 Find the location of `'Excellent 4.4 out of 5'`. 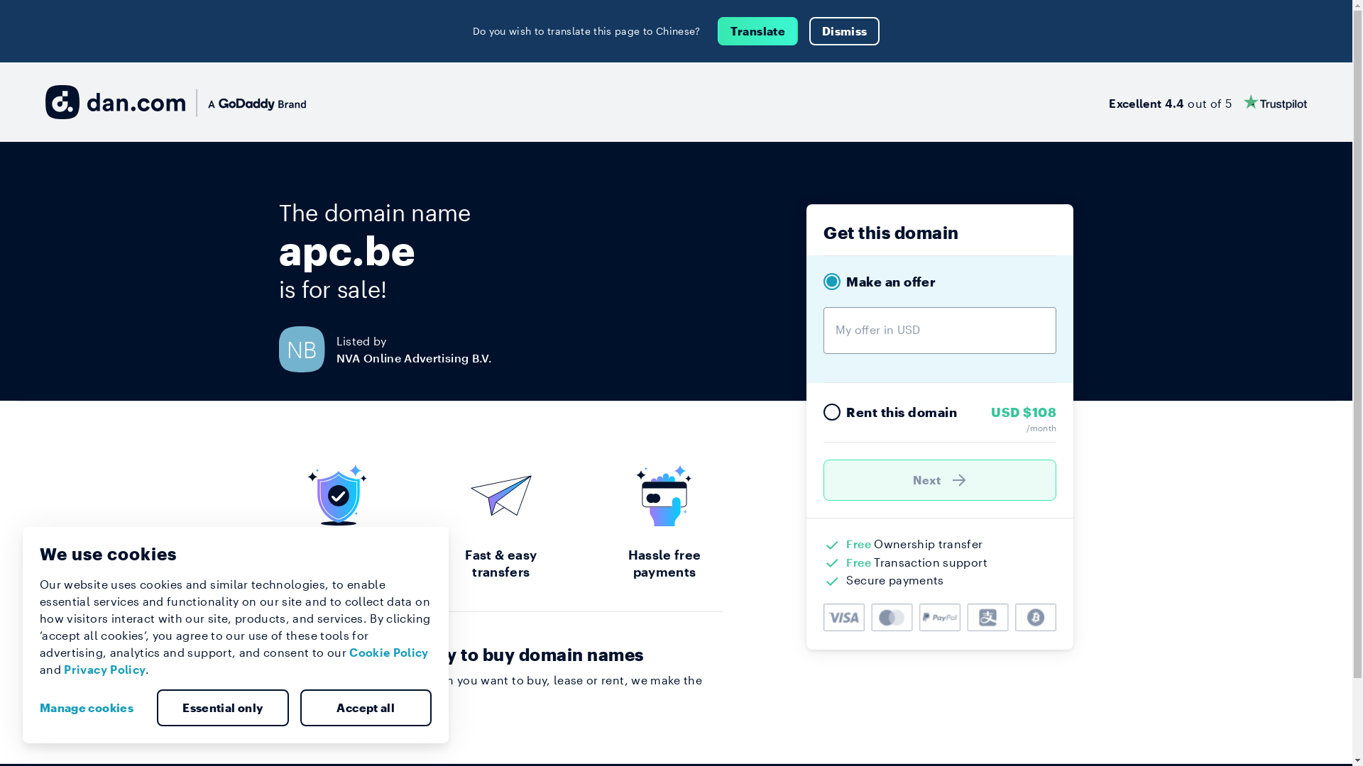

'Excellent 4.4 out of 5' is located at coordinates (1207, 101).